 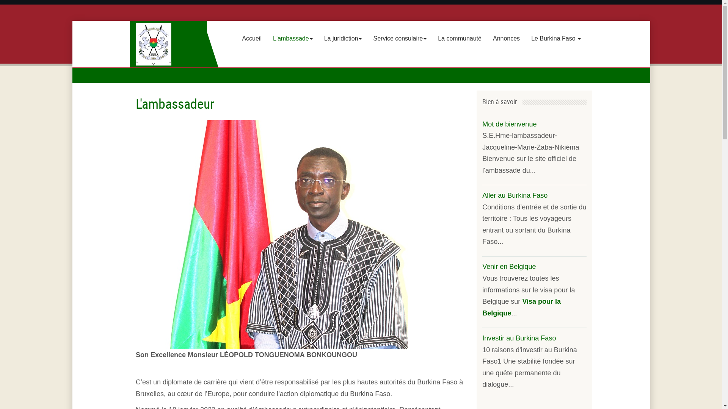 What do you see at coordinates (174, 103) in the screenshot?
I see `'L'ambassadeur'` at bounding box center [174, 103].